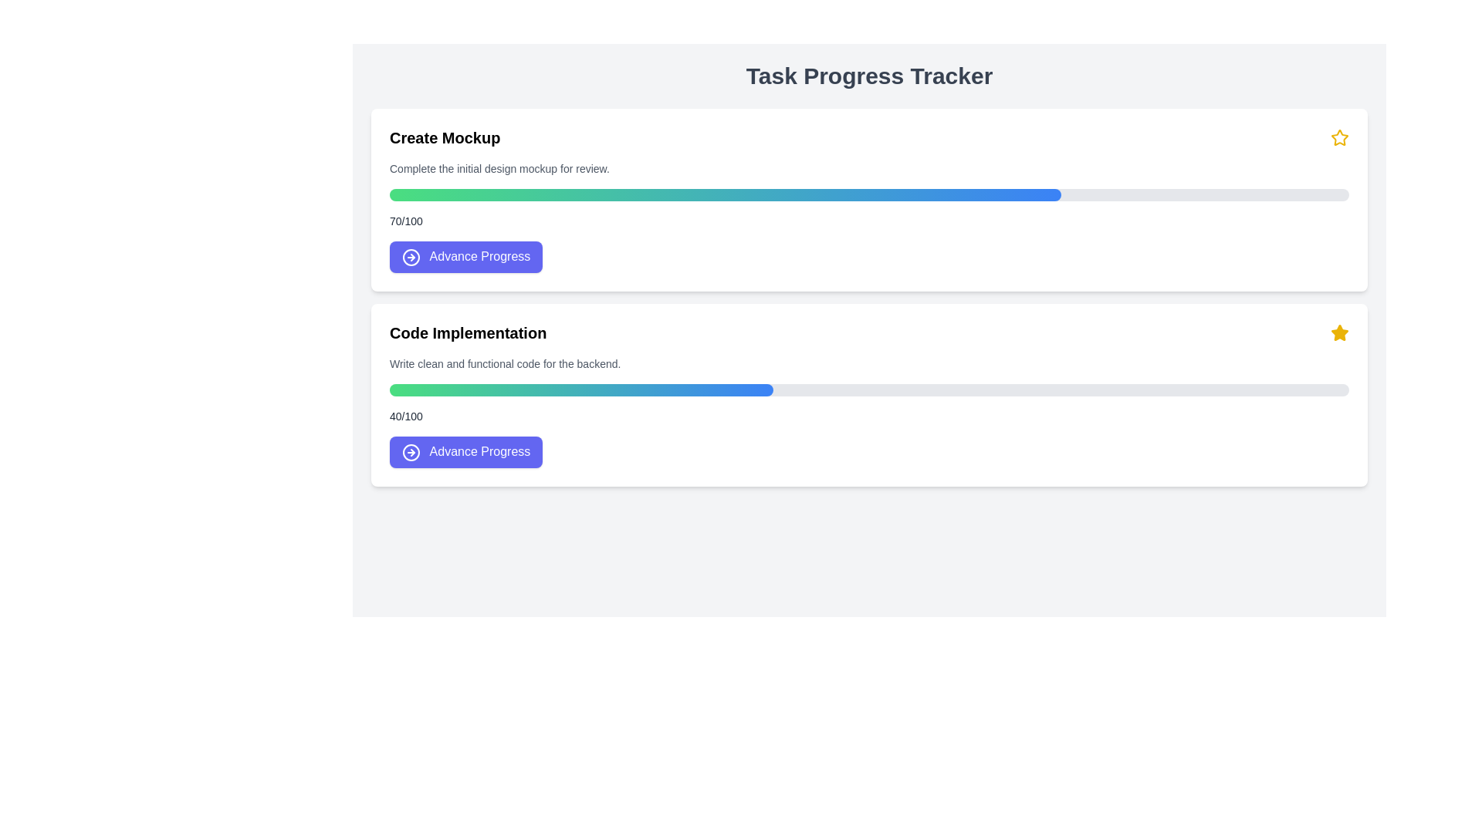 The width and height of the screenshot is (1482, 833). Describe the element at coordinates (869, 76) in the screenshot. I see `the centered header text that reads 'Task Progress Tracker' in bold, large gray font, located at the top of the layout` at that location.